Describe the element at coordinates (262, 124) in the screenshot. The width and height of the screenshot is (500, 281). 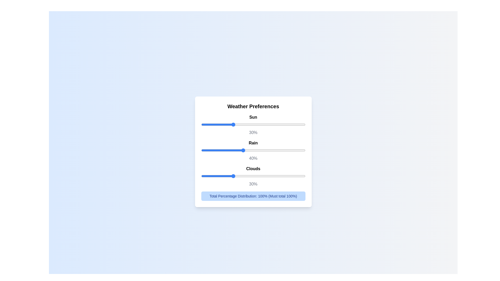
I see `the slider for 0 to set the percentage to 9` at that location.